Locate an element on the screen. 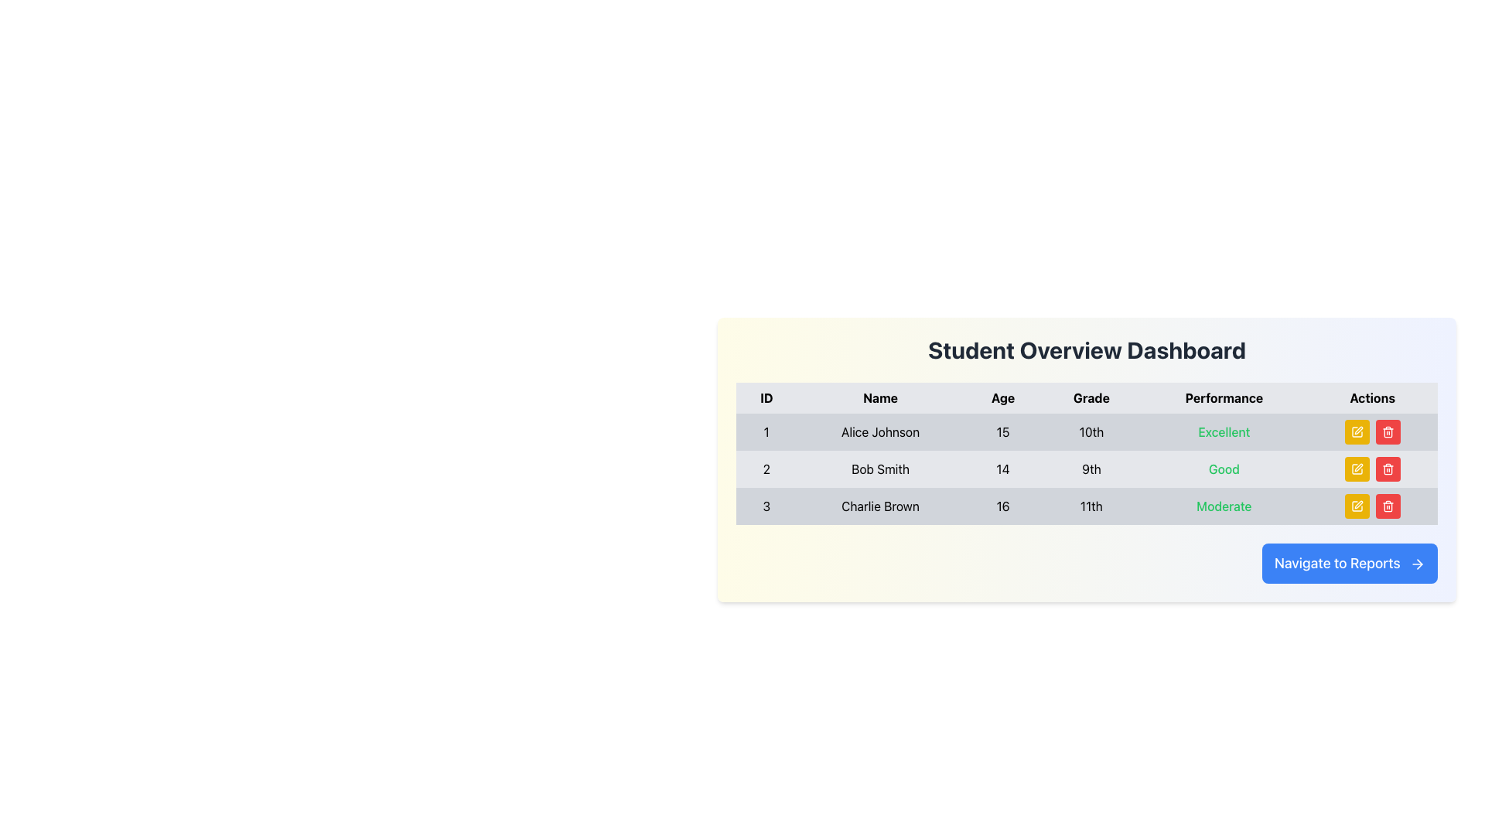 This screenshot has height=835, width=1485. the table cell located in the first column of the third row, which serves as an identifier for the entry is located at coordinates (766, 506).